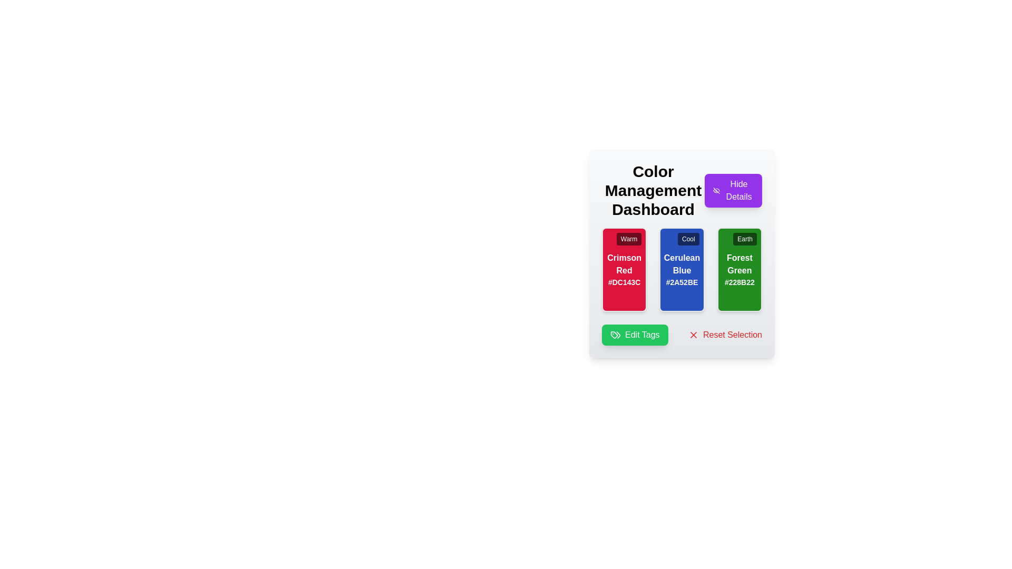  What do you see at coordinates (615, 335) in the screenshot?
I see `the green tag icon located to the left side of the 'Edit Tags' button in the bottom left corner of the control panel` at bounding box center [615, 335].